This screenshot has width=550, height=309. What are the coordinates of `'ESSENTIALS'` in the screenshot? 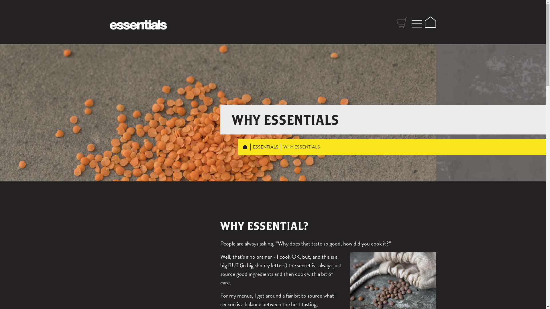 It's located at (253, 146).